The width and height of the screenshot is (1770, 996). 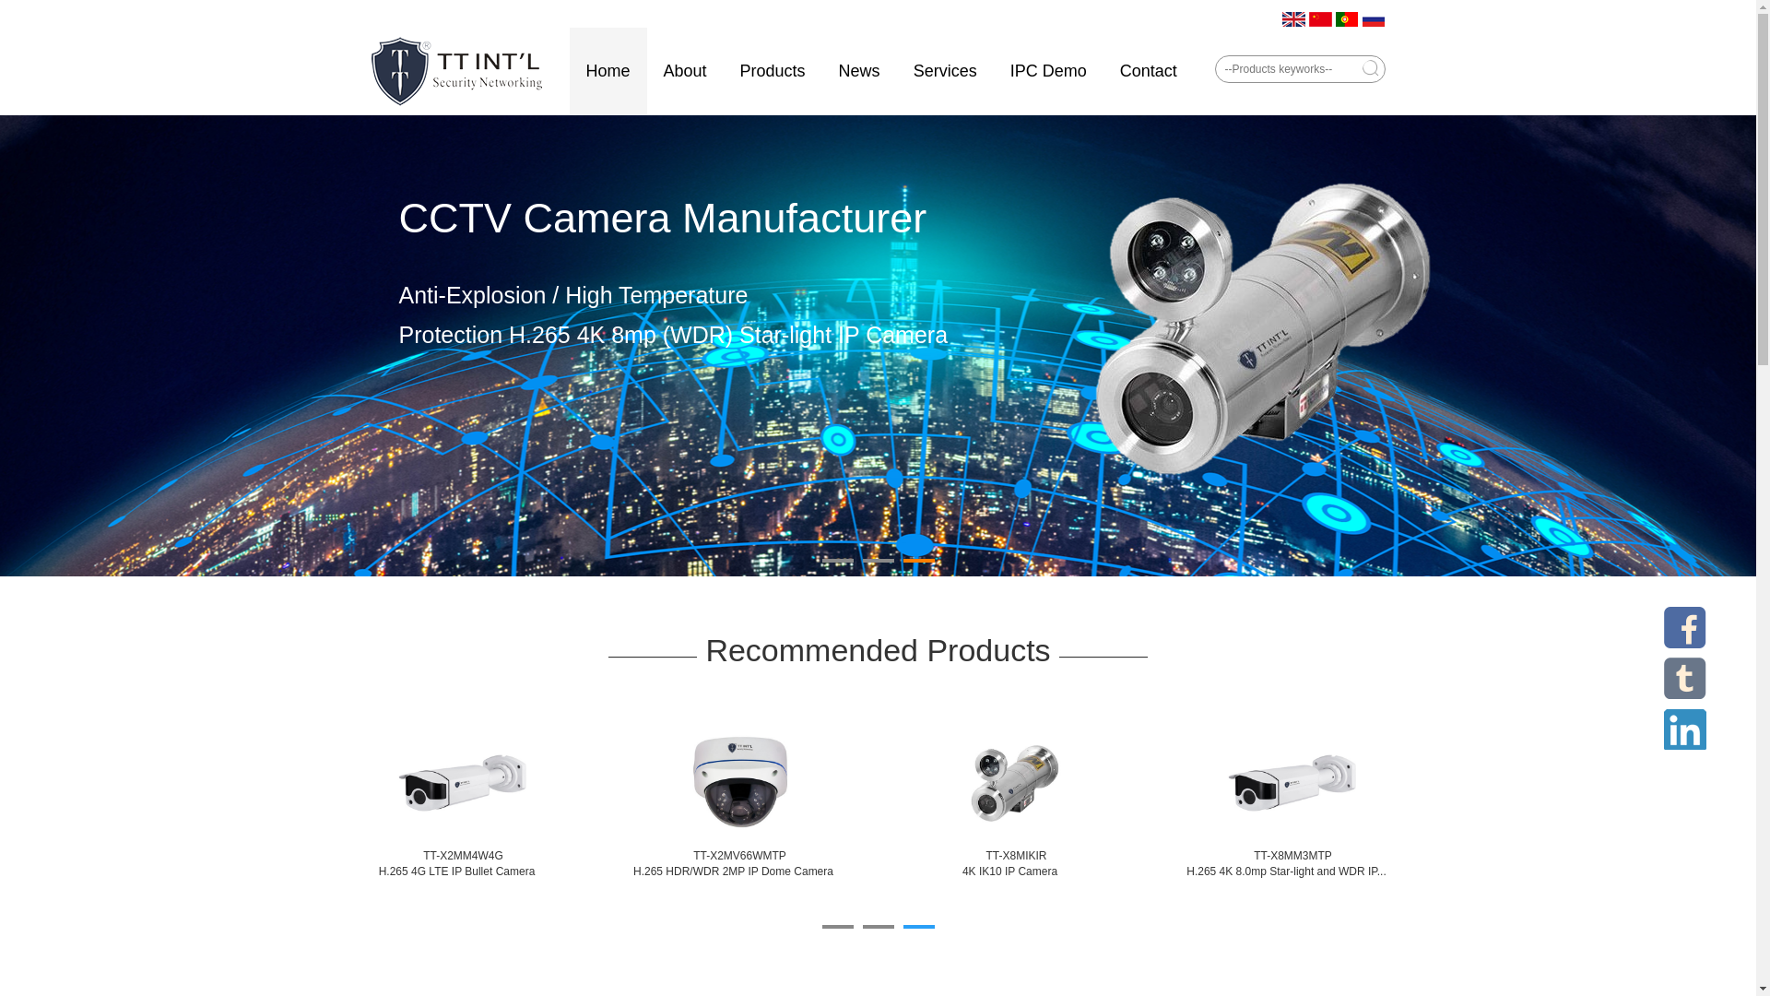 What do you see at coordinates (1048, 70) in the screenshot?
I see `'IPC Demo'` at bounding box center [1048, 70].